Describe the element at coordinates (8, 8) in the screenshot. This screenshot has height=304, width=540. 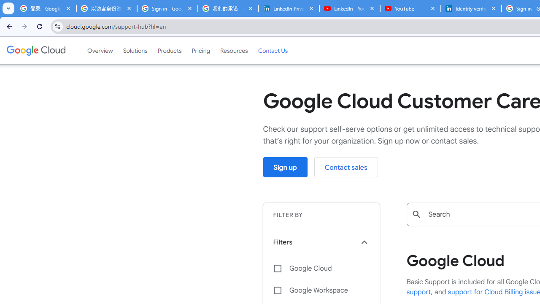
I see `'Search tabs'` at that location.